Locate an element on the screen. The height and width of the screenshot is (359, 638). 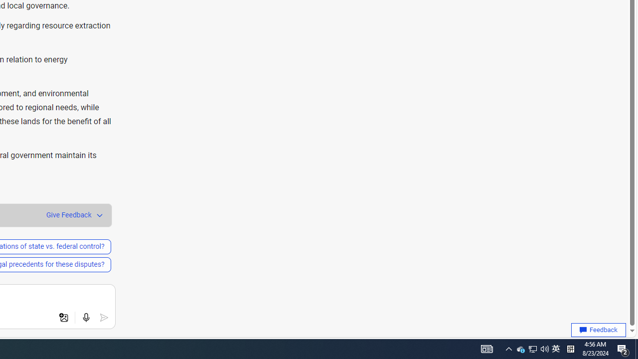
'Use microphone' is located at coordinates (86, 318).